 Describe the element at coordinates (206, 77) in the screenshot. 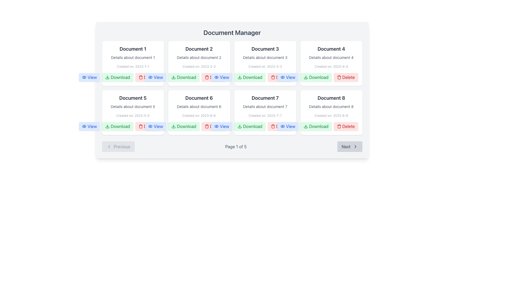

I see `the trash can icon within the 'Delete' button in the 'Document 4' card` at that location.